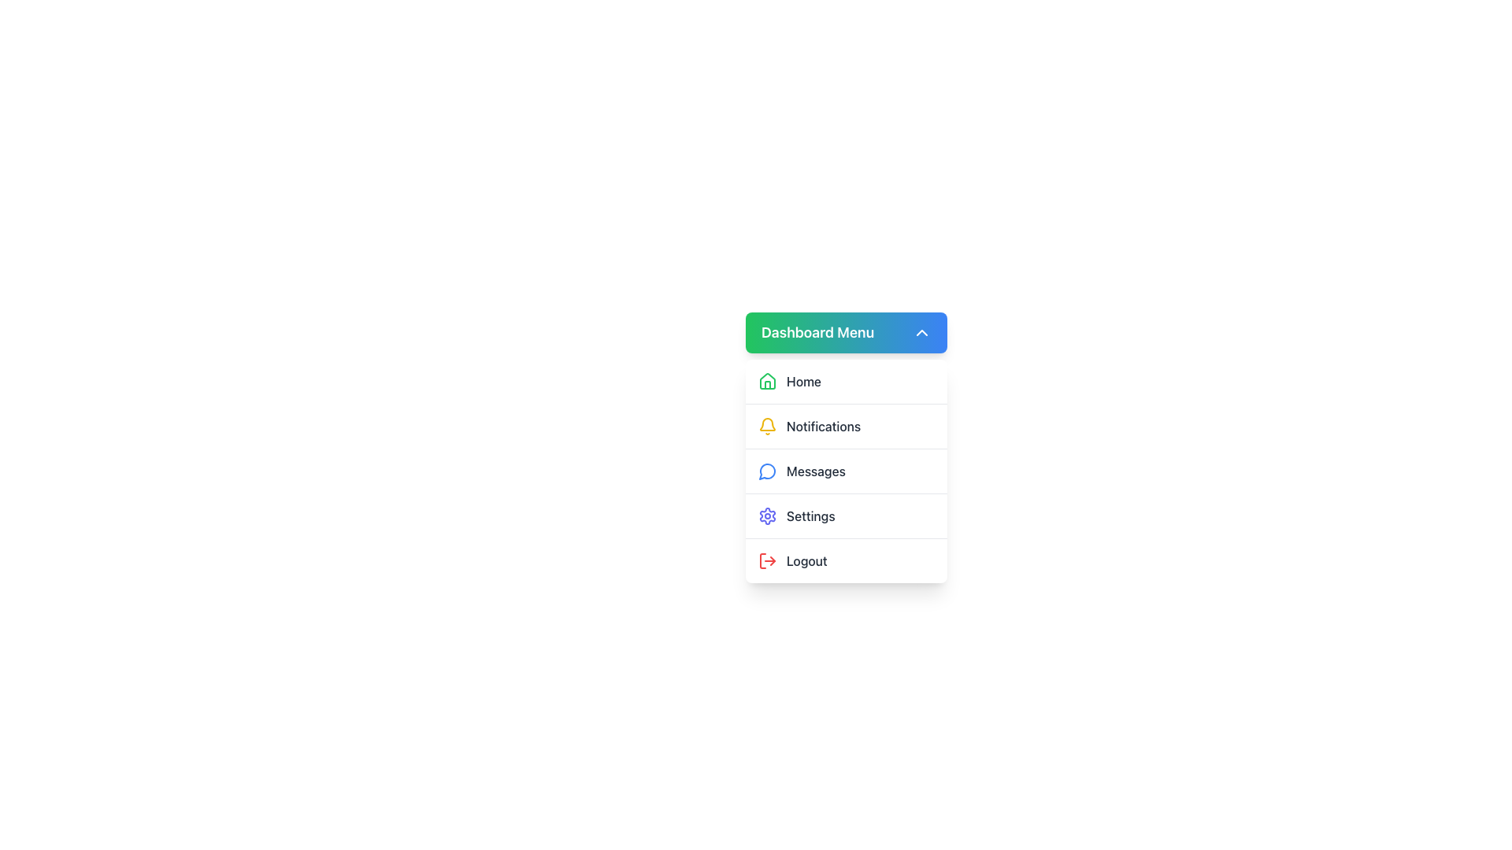 This screenshot has height=850, width=1512. What do you see at coordinates (767, 380) in the screenshot?
I see `the green stylized house icon located in the first row of the vertical list under the 'Dashboard Menu', to the left of the 'Home' label` at bounding box center [767, 380].